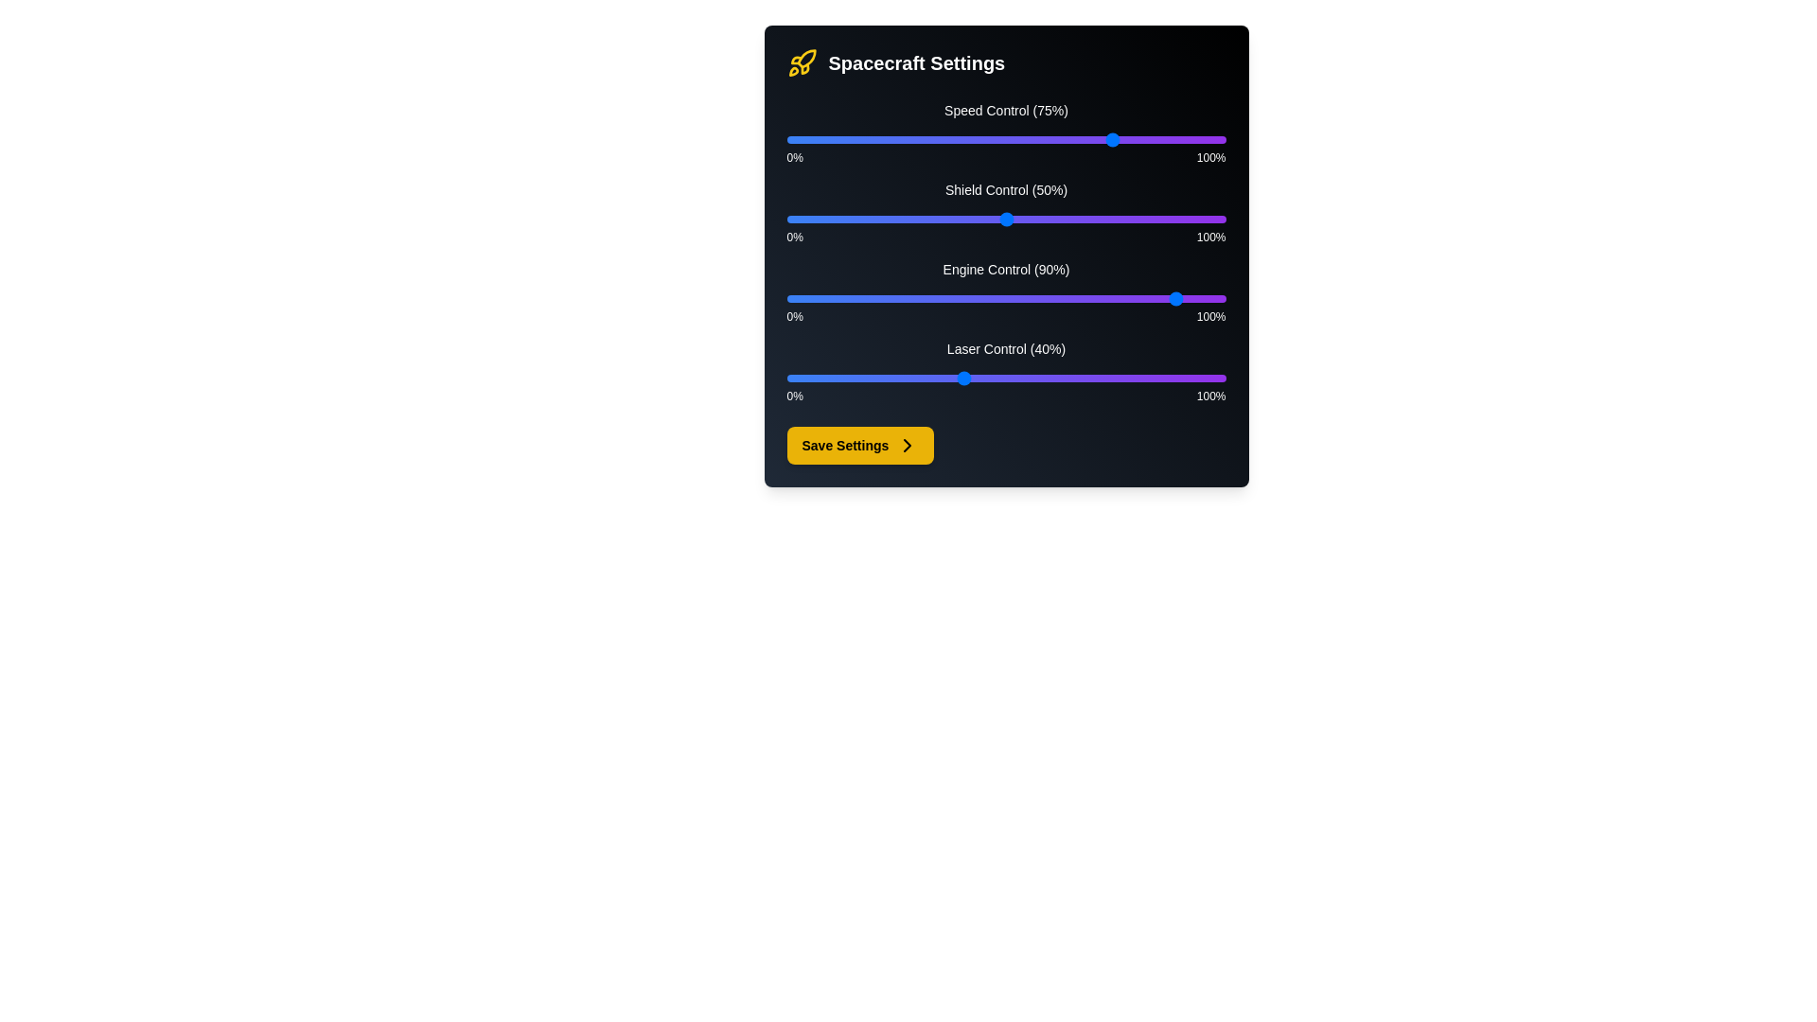 This screenshot has width=1817, height=1022. I want to click on 'Save Settings' button to save the current settings, so click(859, 445).